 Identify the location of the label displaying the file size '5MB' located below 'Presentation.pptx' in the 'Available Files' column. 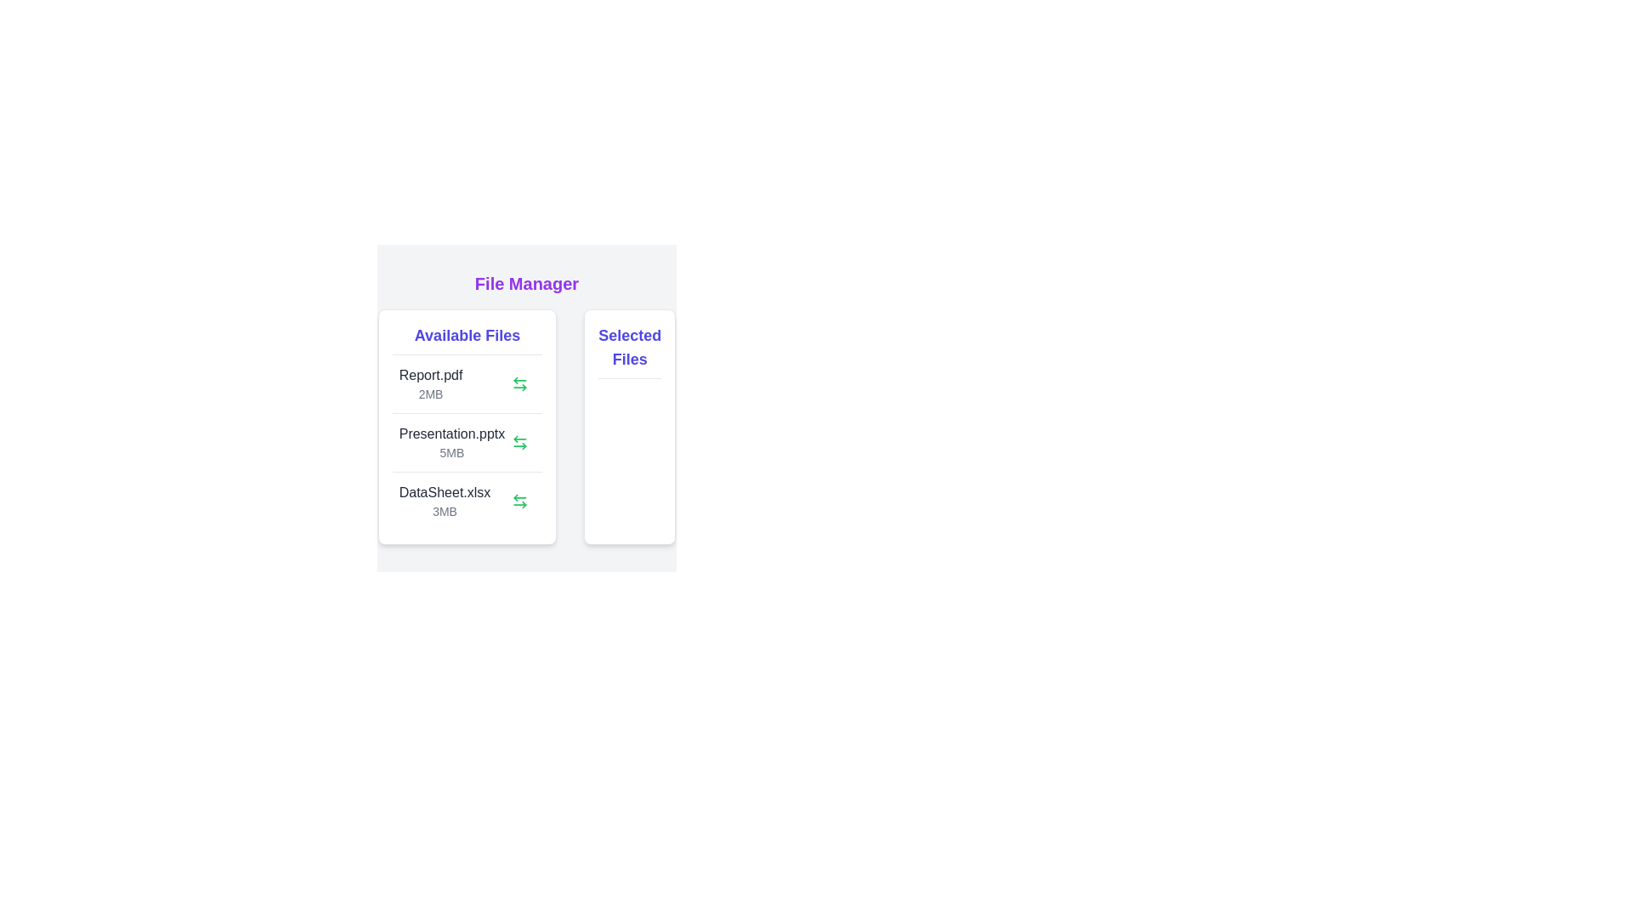
(452, 451).